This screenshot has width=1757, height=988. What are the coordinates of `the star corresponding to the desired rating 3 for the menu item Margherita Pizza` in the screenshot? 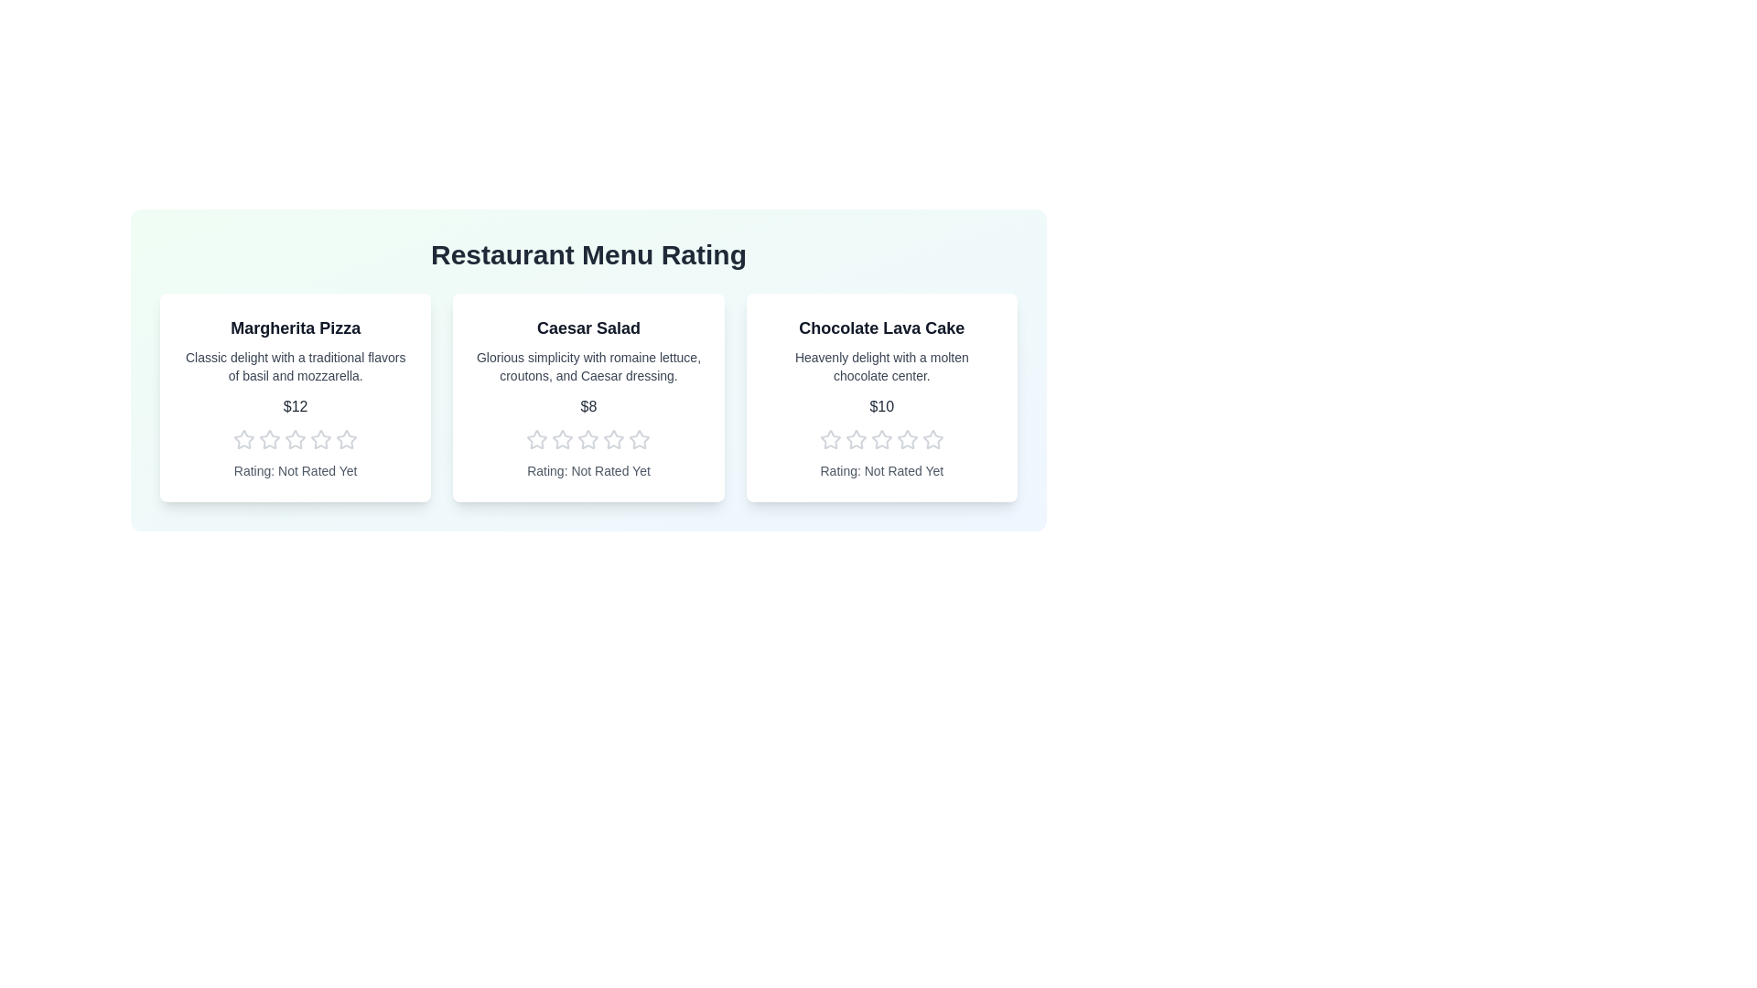 It's located at (295, 440).